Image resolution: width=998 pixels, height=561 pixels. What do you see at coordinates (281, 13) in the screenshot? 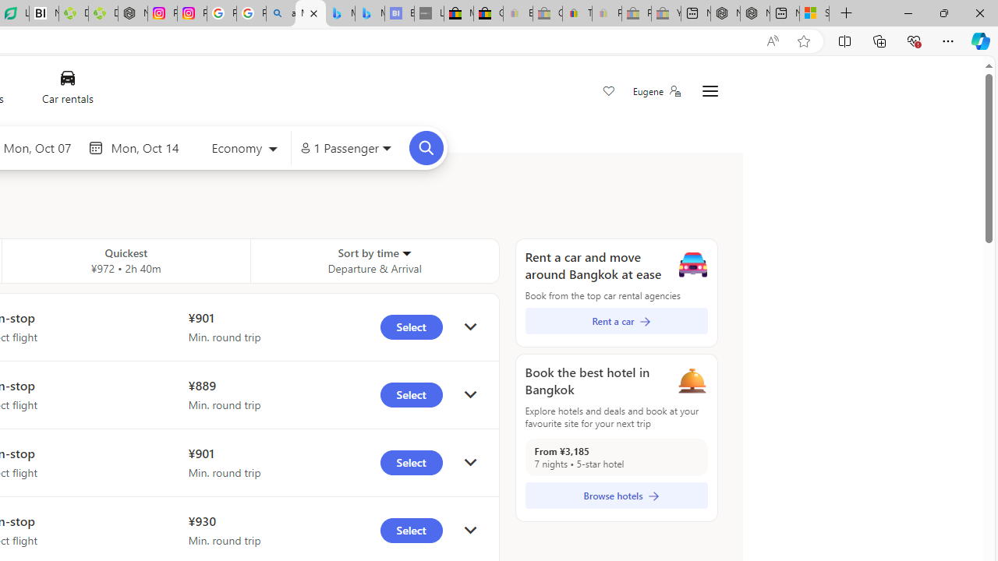
I see `'alabama high school quarterback dies - Search'` at bounding box center [281, 13].